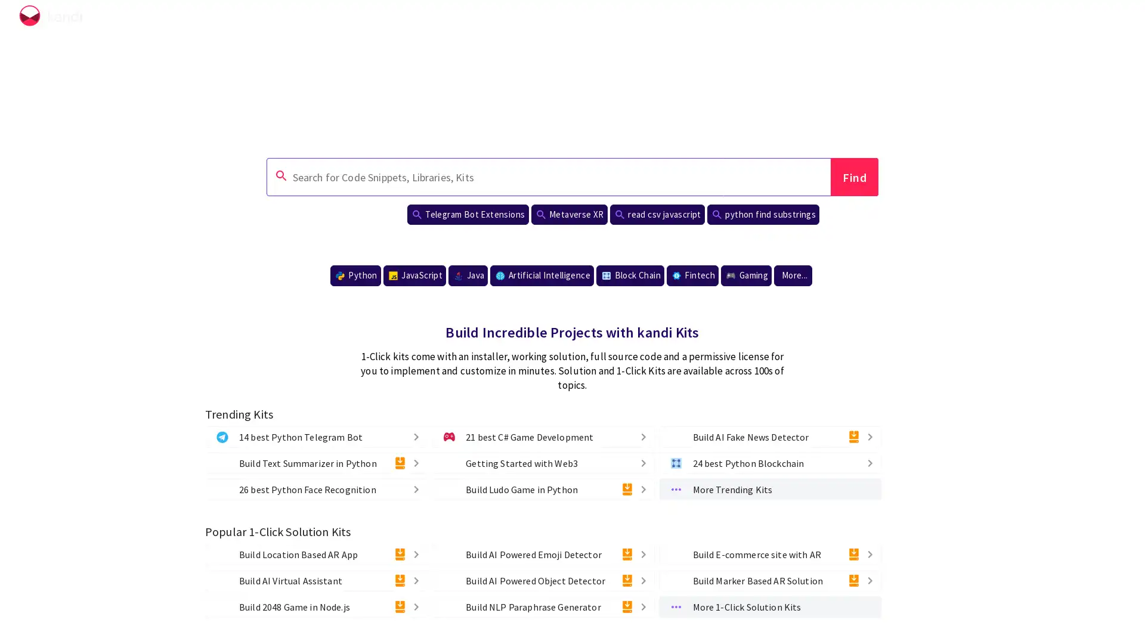 This screenshot has width=1145, height=644. Describe the element at coordinates (316, 462) in the screenshot. I see `text-summarizer Build Text Summarizer in Python` at that location.